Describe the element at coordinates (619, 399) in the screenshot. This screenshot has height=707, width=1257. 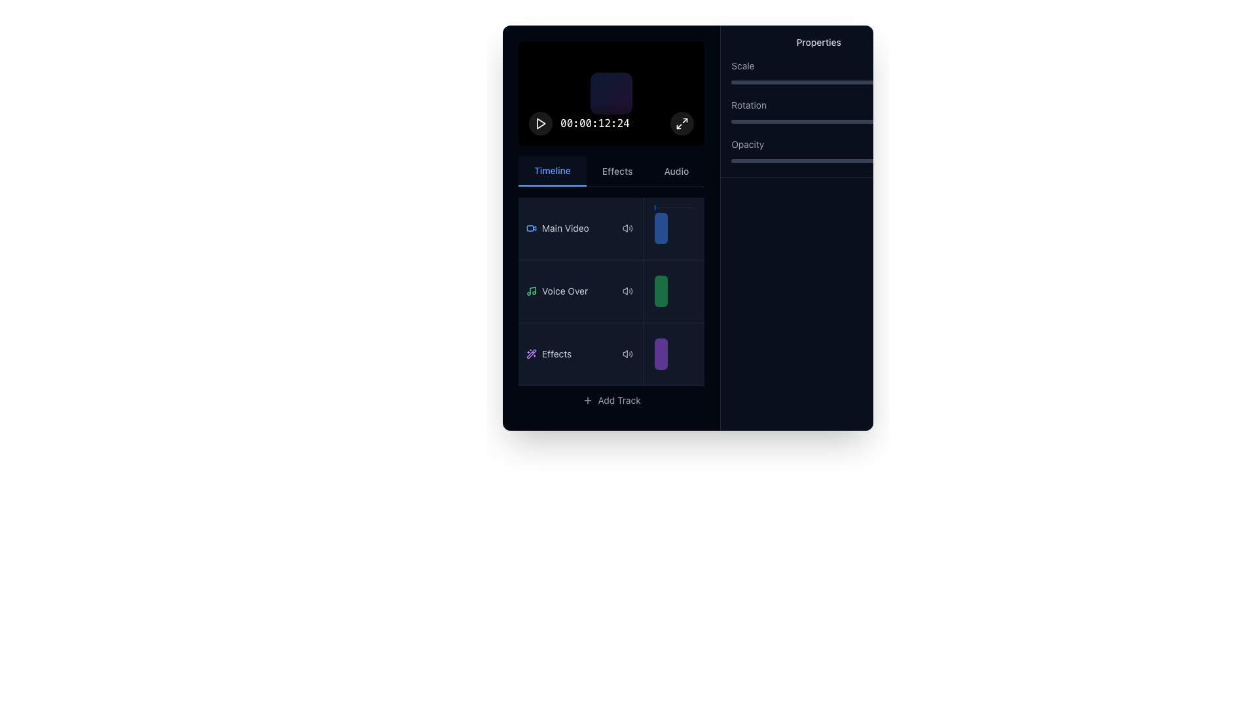
I see `static text label next to the '+' icon at the bottom of the interface that indicates adding a new track` at that location.